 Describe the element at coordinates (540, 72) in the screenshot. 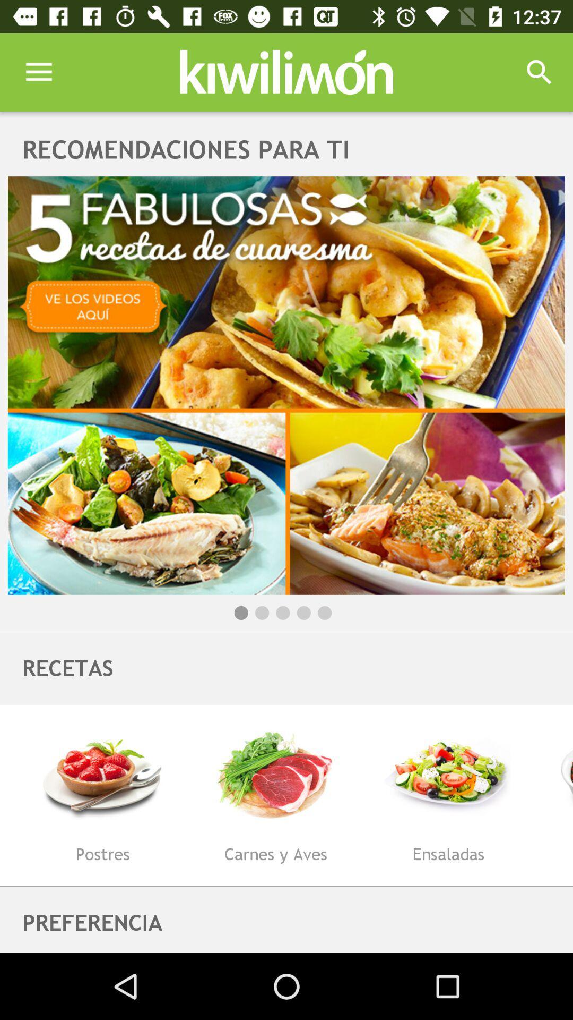

I see `icon at the top right corner` at that location.